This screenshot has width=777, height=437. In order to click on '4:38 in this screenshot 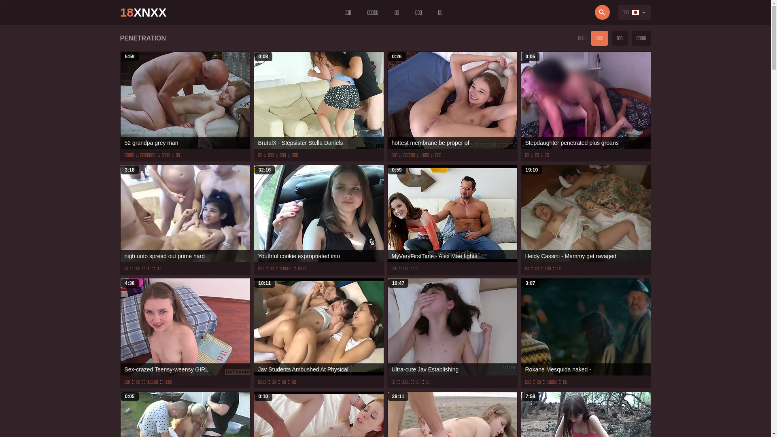, I will do `click(185, 326)`.